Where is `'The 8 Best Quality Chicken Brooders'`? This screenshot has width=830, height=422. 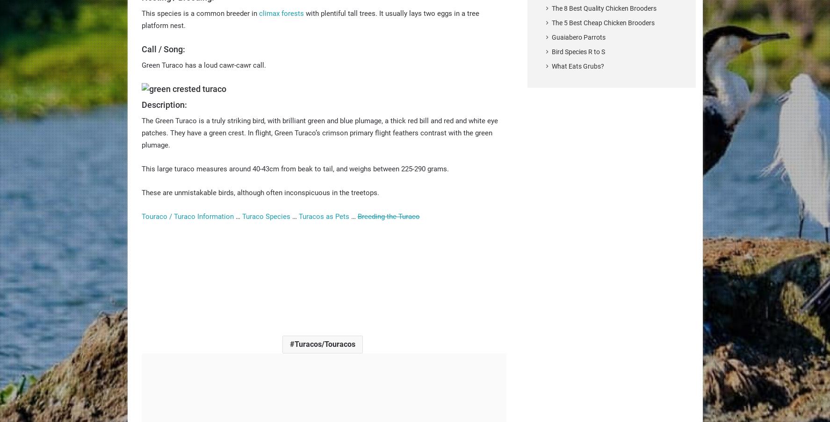 'The 8 Best Quality Chicken Brooders' is located at coordinates (603, 7).